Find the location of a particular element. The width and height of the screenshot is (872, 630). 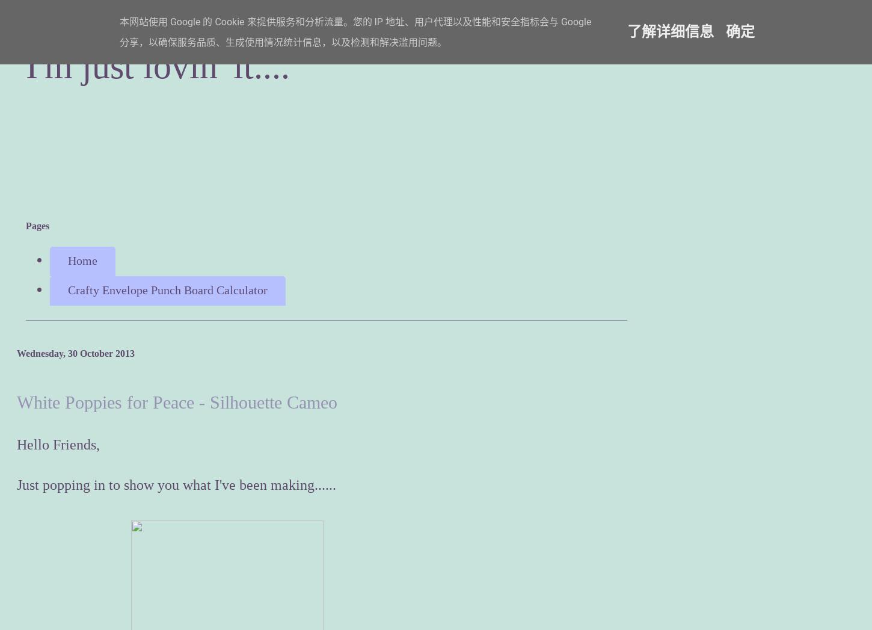

'Wednesday, 30 October 2013' is located at coordinates (75, 352).